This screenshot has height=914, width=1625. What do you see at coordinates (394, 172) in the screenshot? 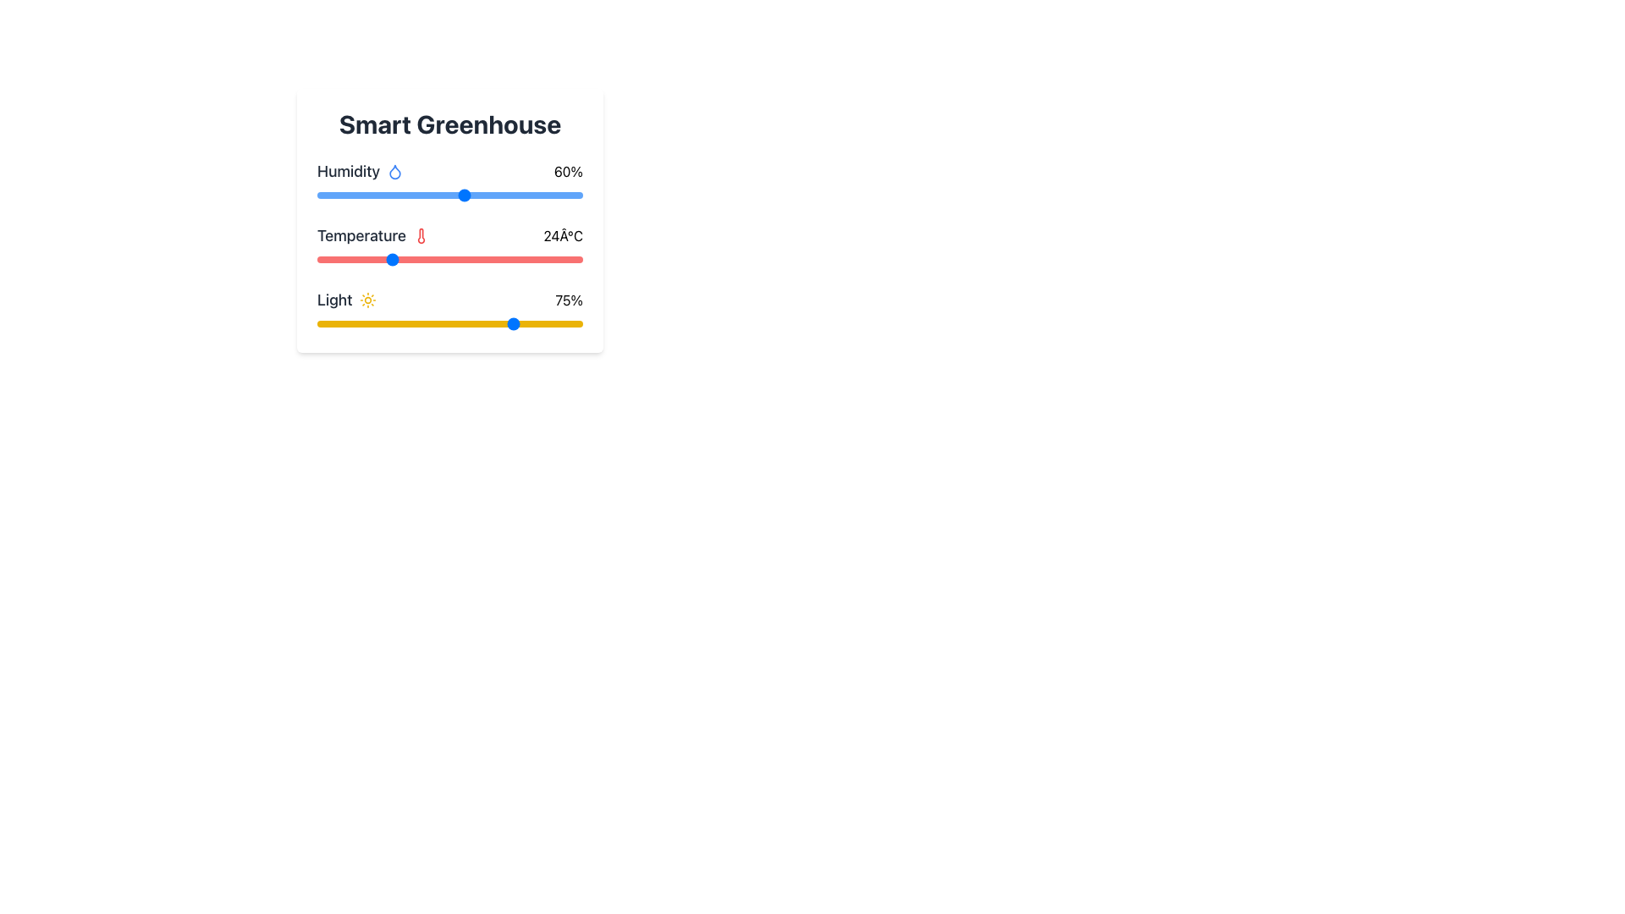
I see `the humidity icon located beside the 'Humidity' label in the top section of the 'Smart Greenhouse' visual card interface` at bounding box center [394, 172].